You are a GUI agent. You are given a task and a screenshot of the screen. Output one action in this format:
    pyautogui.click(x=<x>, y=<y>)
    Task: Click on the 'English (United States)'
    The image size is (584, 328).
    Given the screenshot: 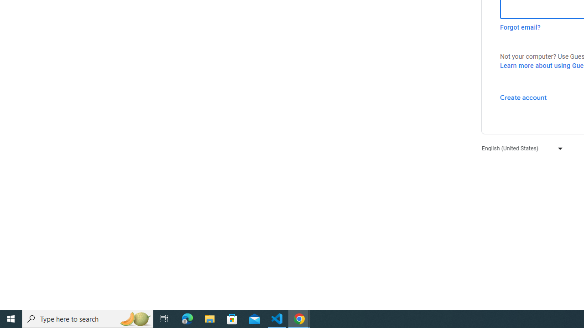 What is the action you would take?
    pyautogui.click(x=520, y=148)
    